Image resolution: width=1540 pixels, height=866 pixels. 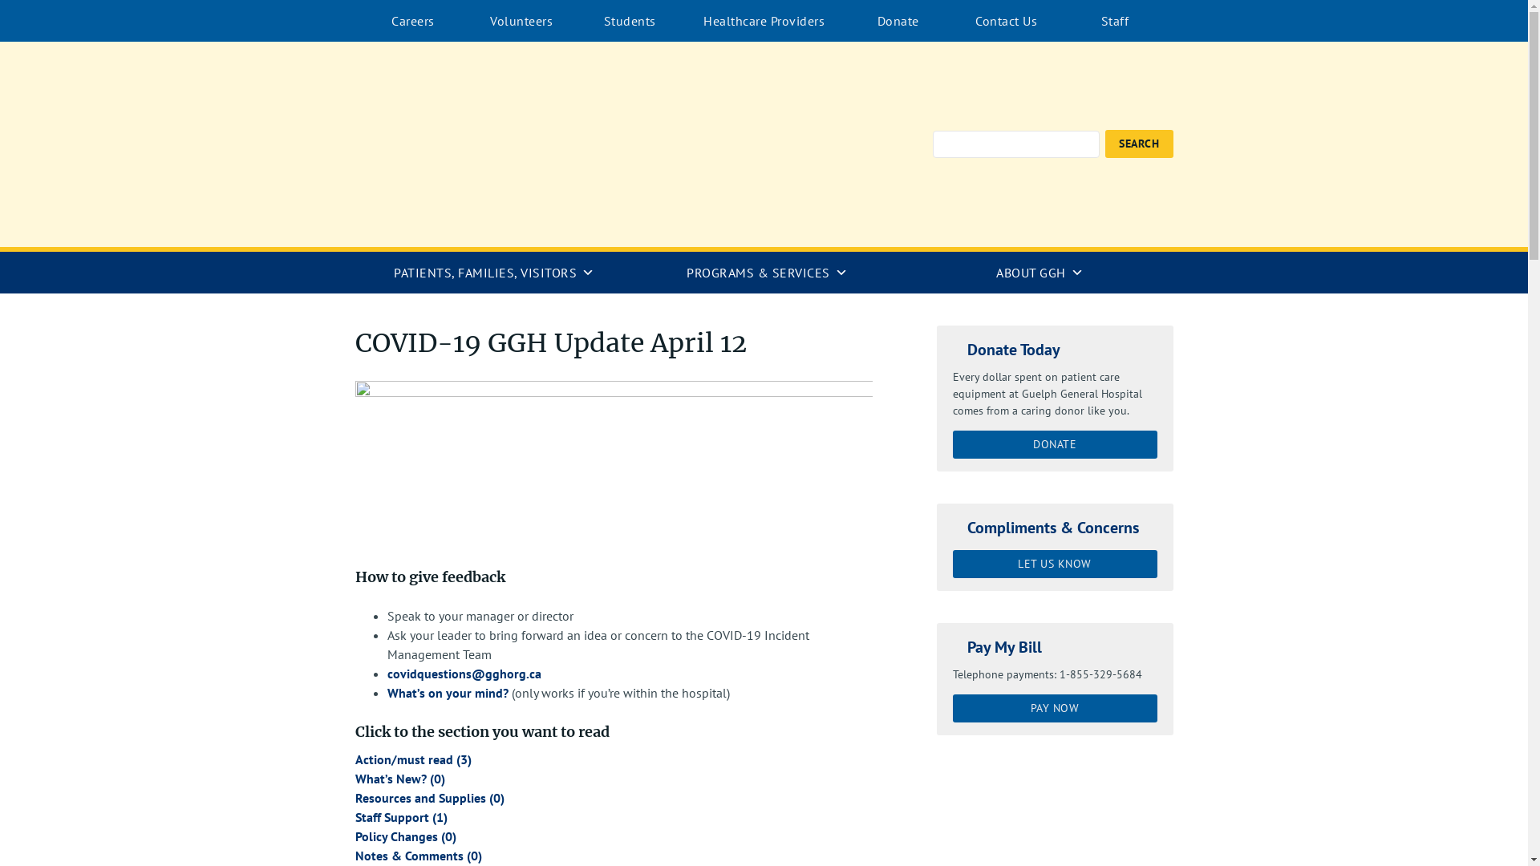 What do you see at coordinates (1055, 563) in the screenshot?
I see `'LET US KNOW'` at bounding box center [1055, 563].